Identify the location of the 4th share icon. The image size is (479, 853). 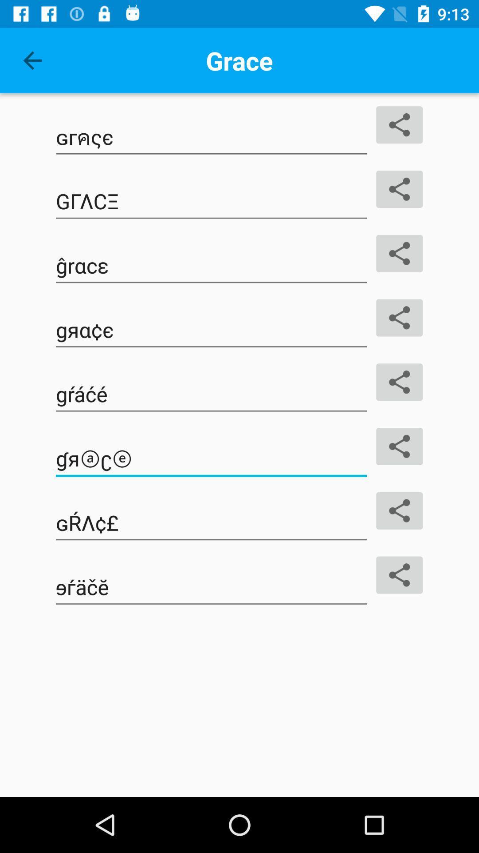
(400, 318).